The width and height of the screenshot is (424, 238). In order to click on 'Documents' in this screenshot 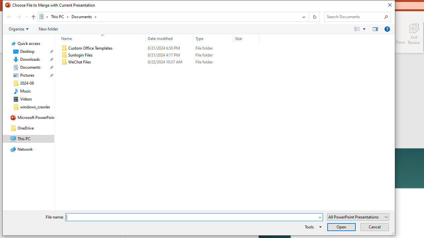, I will do `click(84, 16)`.